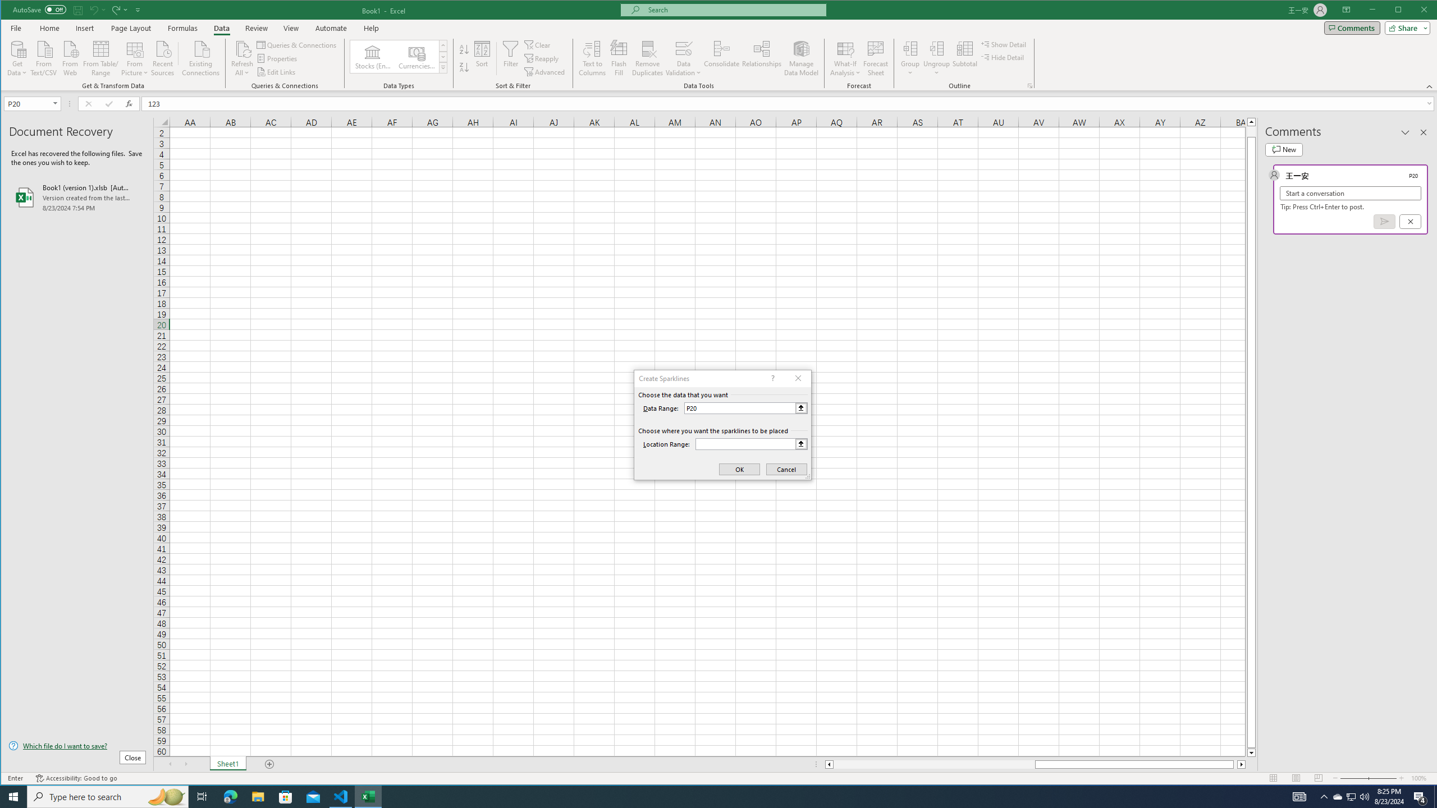  What do you see at coordinates (721, 58) in the screenshot?
I see `'Consolidate...'` at bounding box center [721, 58].